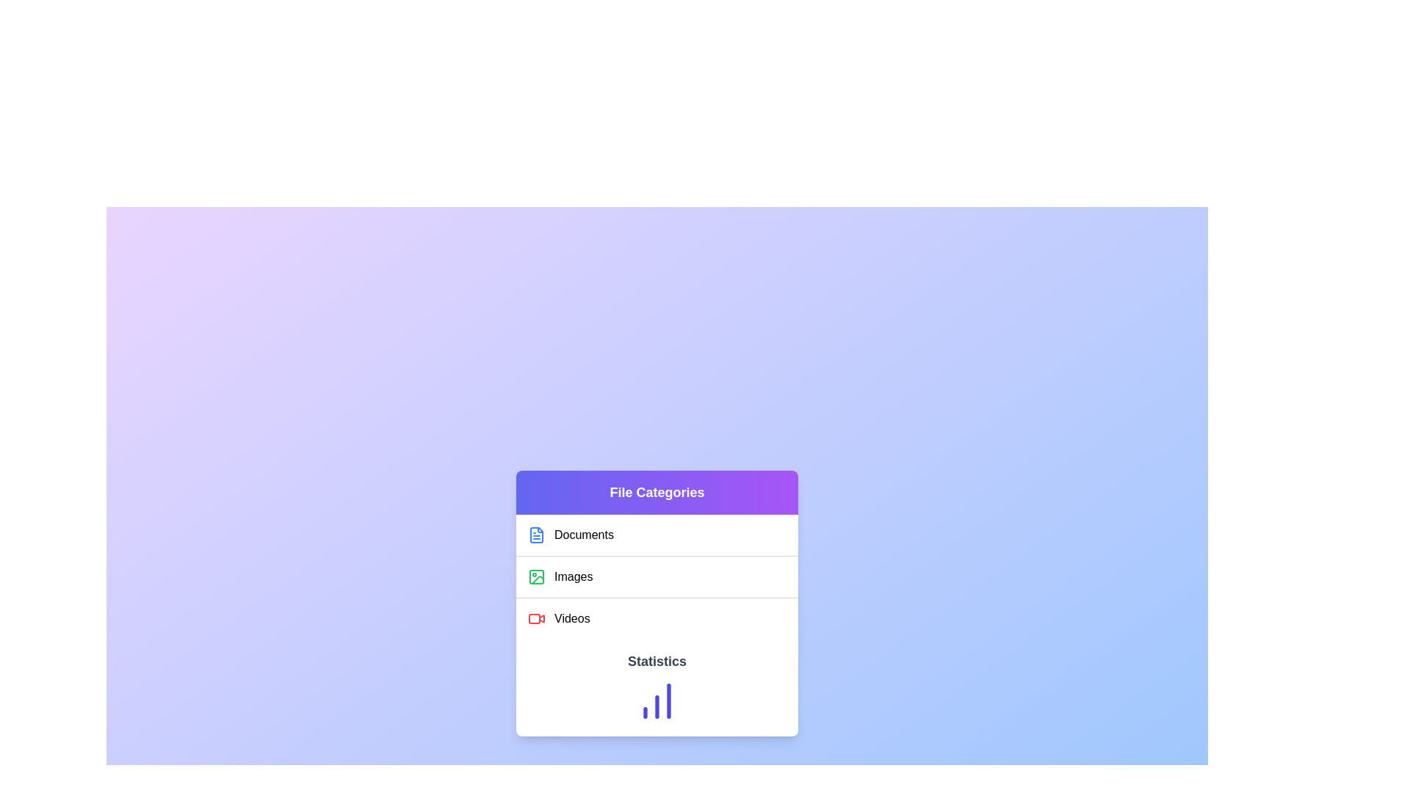  Describe the element at coordinates (656, 618) in the screenshot. I see `the 'Videos' category list item` at that location.